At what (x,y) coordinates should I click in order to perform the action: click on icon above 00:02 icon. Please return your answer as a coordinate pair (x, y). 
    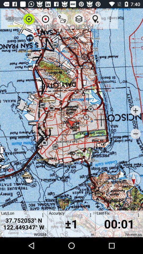
    Looking at the image, I should click on (133, 179).